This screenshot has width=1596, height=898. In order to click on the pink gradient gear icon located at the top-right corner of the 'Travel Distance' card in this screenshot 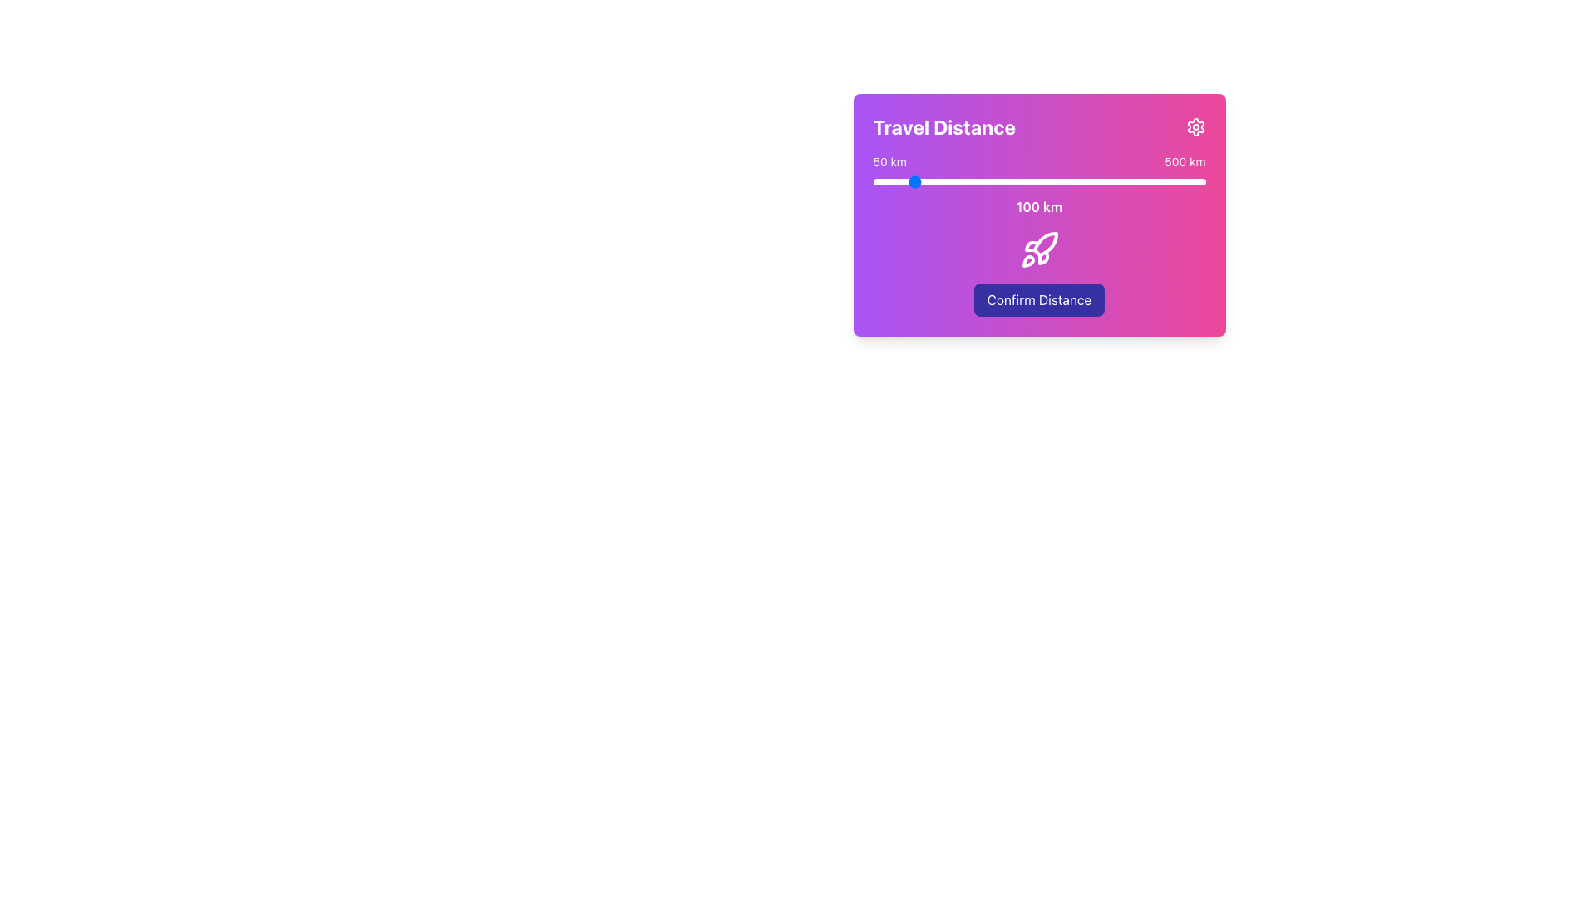, I will do `click(1195, 126)`.